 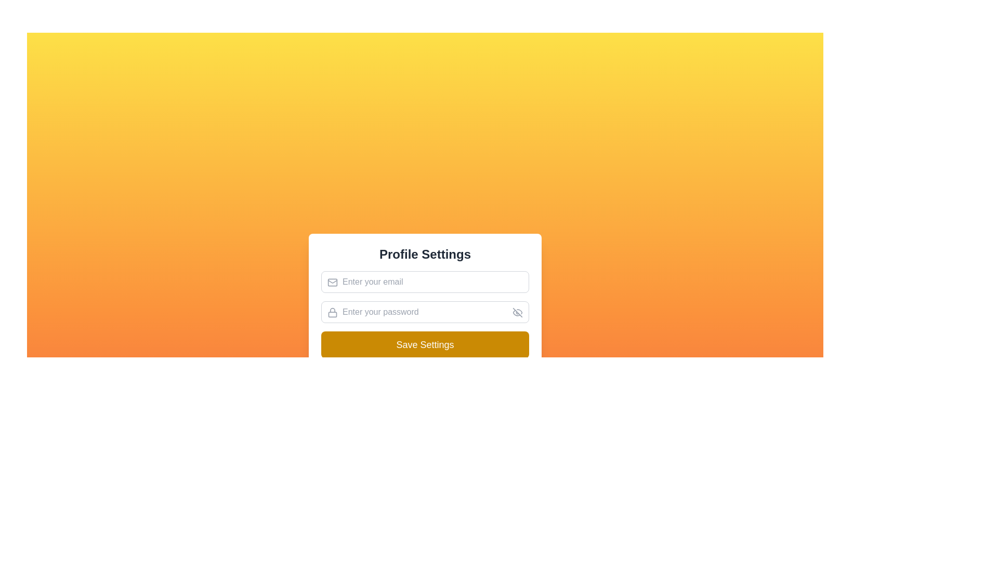 What do you see at coordinates (518, 312) in the screenshot?
I see `the slanted line component of the SVG icon located on the right side of the password input field in the 'Profile Settings' card` at bounding box center [518, 312].